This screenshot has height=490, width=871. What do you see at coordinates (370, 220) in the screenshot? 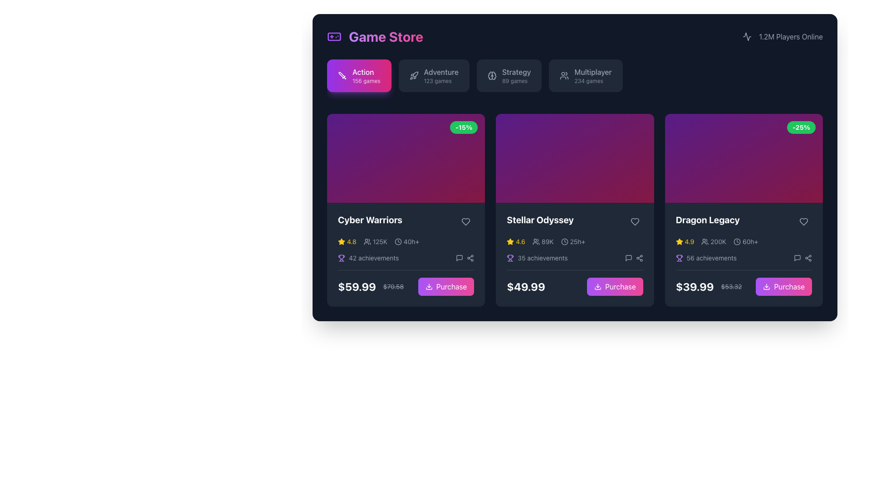
I see `the text label for the game 'Cyber Warriors', which serves as the title in the card layout` at bounding box center [370, 220].